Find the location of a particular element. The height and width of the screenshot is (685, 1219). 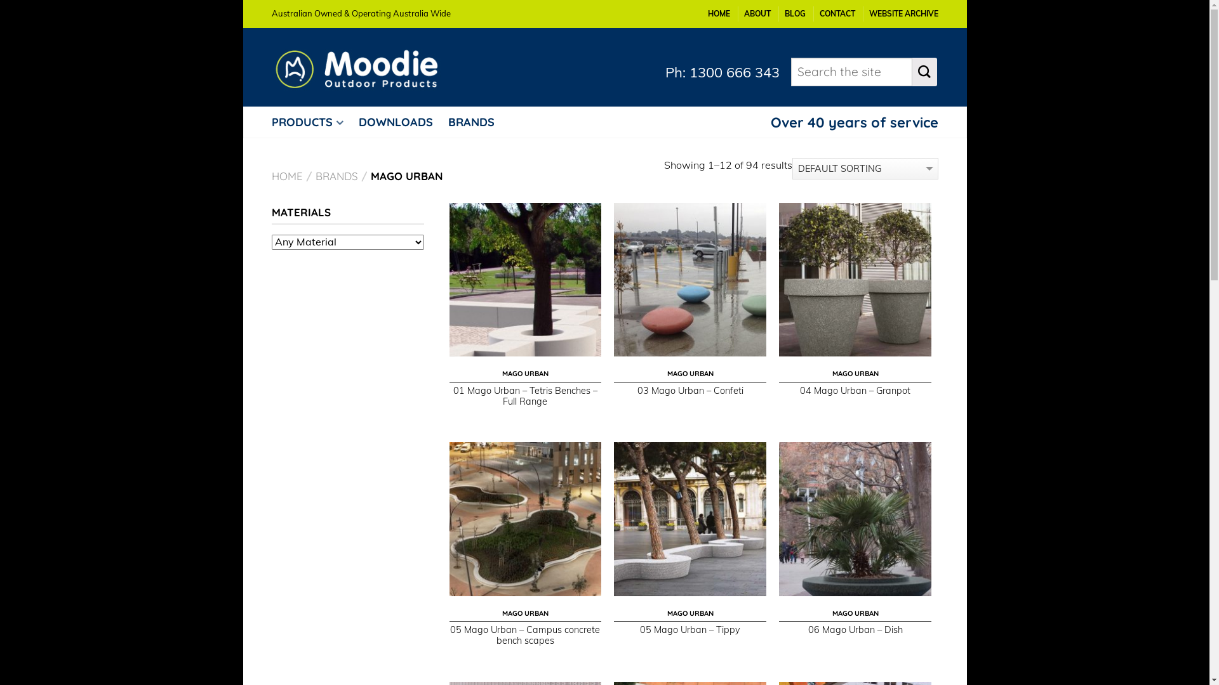

'ABOUT' is located at coordinates (757, 13).